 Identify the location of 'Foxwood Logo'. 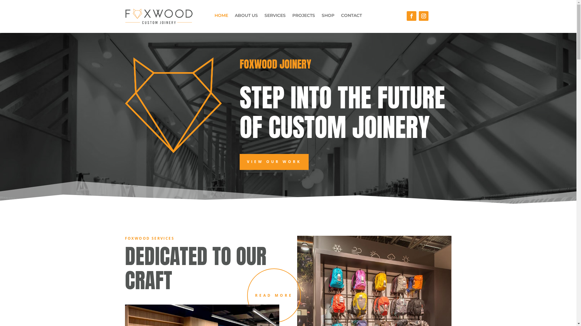
(124, 105).